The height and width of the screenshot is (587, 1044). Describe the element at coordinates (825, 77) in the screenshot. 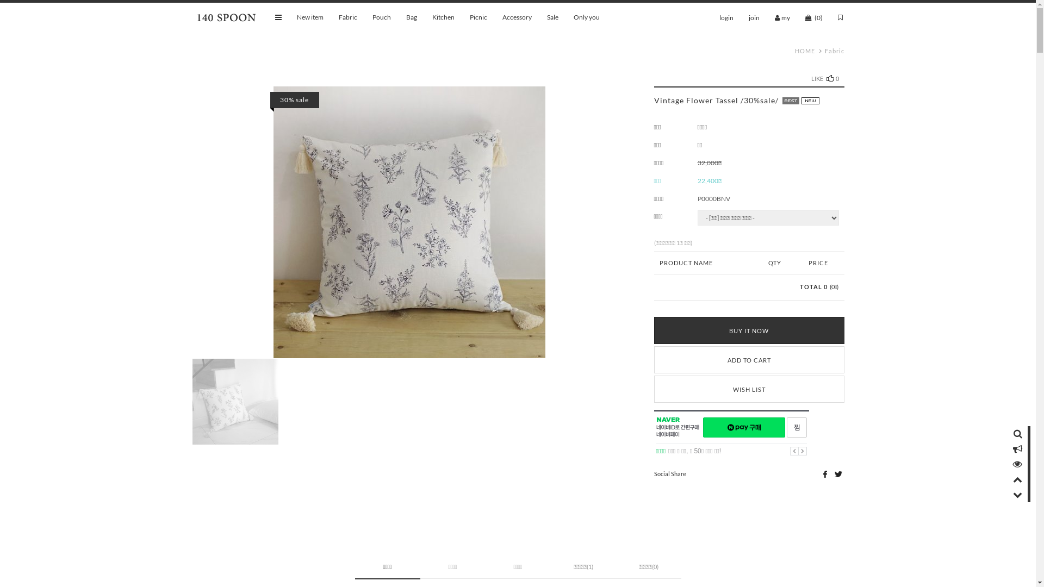

I see `'LIKE0'` at that location.